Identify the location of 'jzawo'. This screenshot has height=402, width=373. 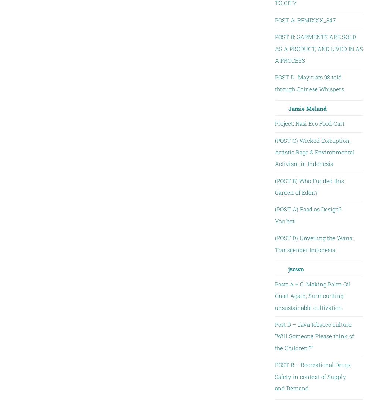
(295, 268).